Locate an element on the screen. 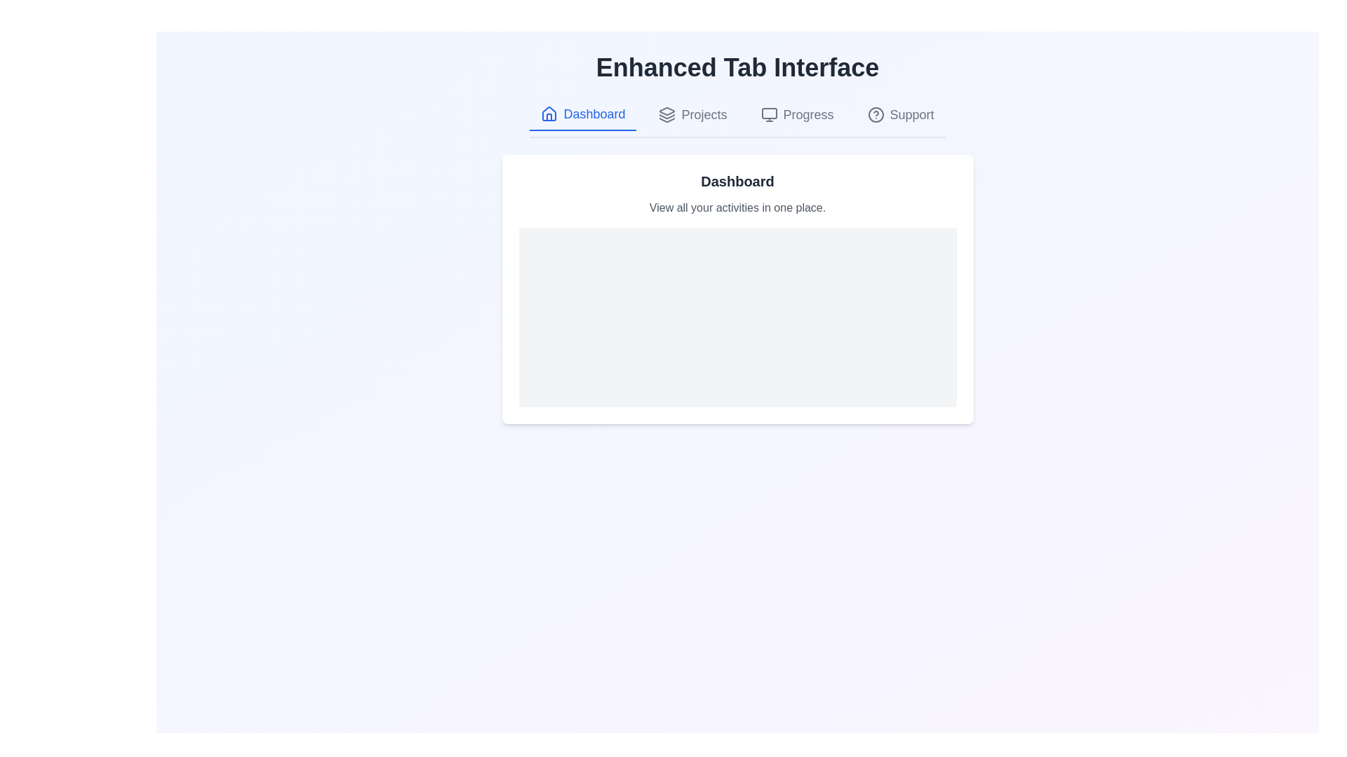 This screenshot has width=1347, height=757. the Dashboard tab is located at coordinates (582, 114).